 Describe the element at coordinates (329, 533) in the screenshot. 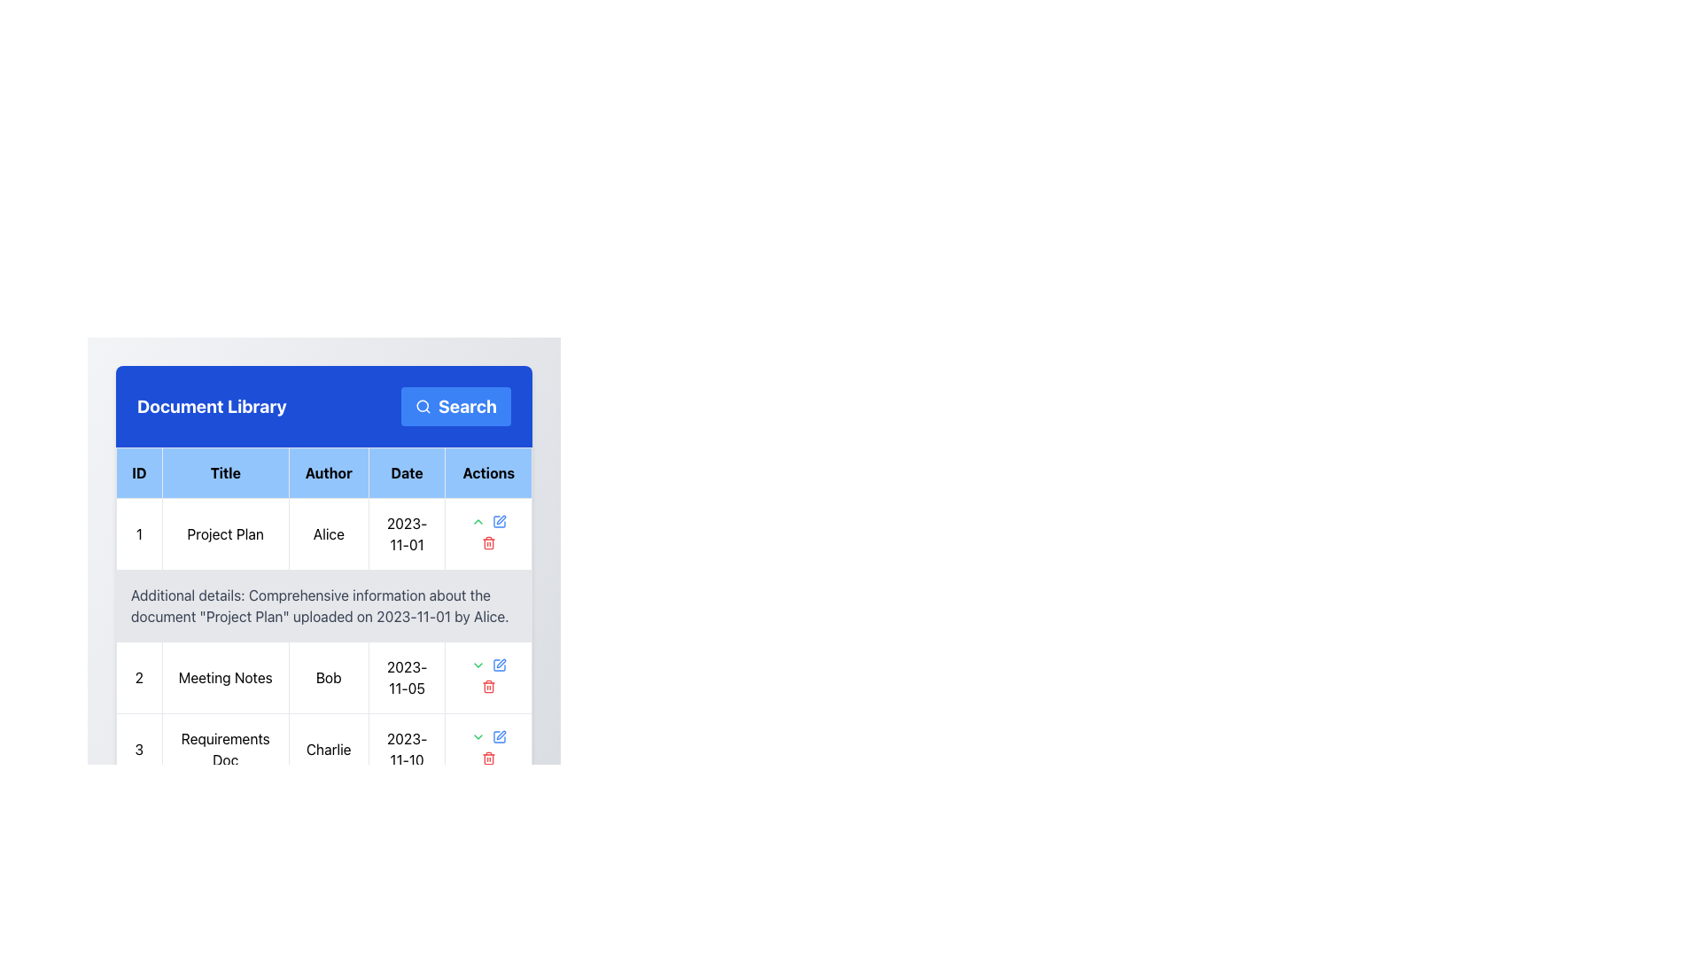

I see `text label 'Alice' which is located in the 'Author' column of the first row in the table, presented in a bold, black font on a white background` at that location.